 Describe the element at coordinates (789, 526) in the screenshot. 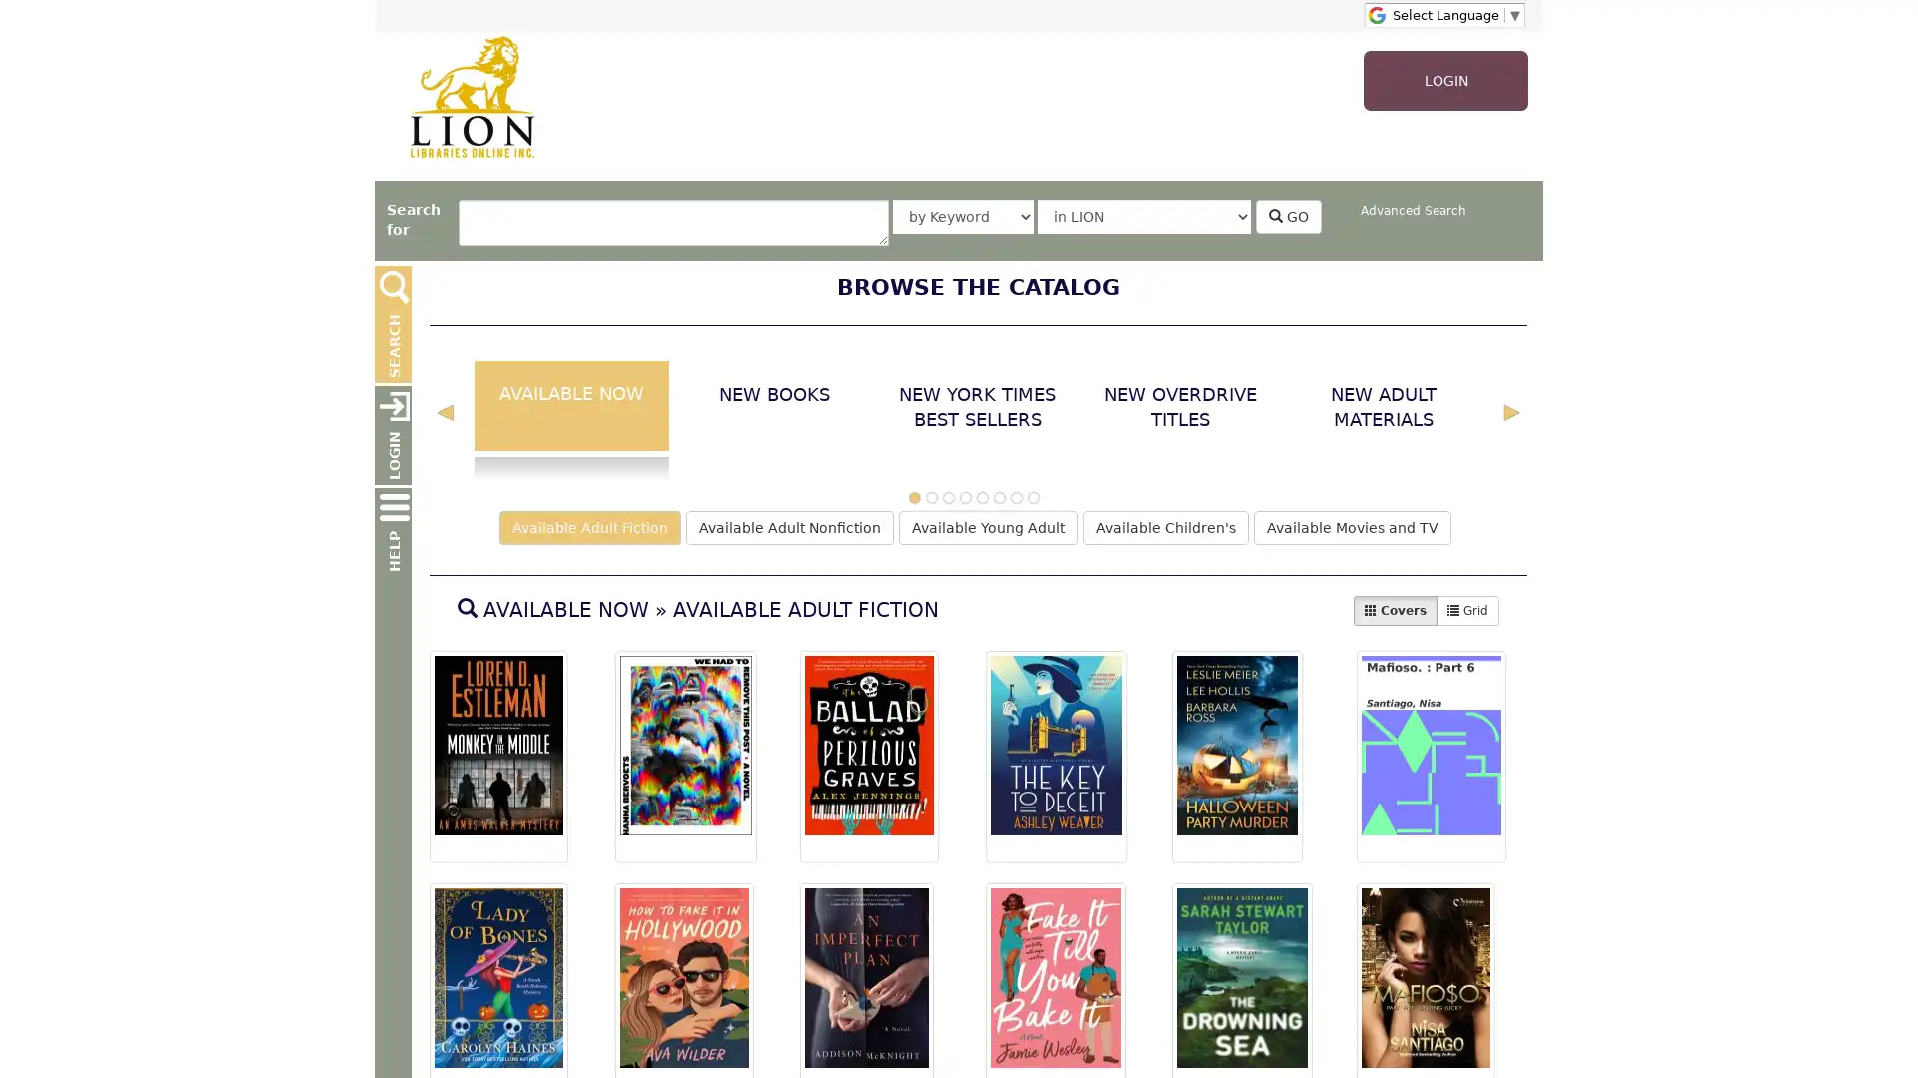

I see `Available Adult Nonfiction` at that location.